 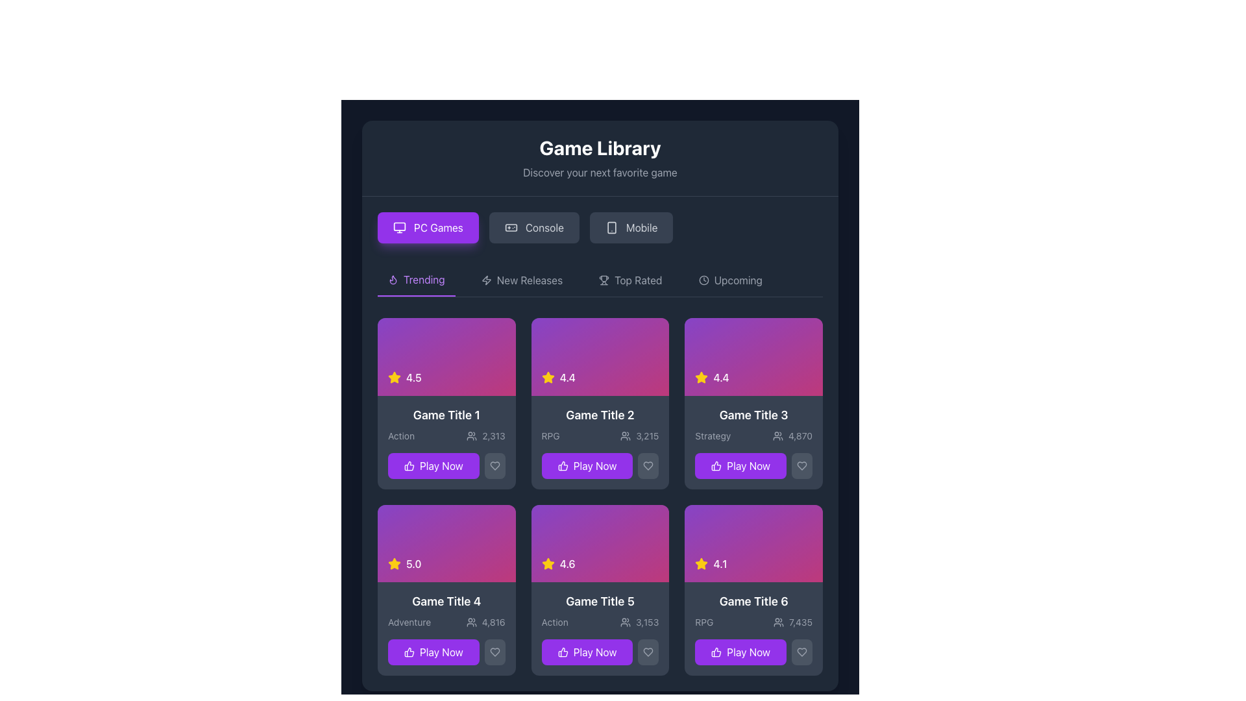 What do you see at coordinates (712, 436) in the screenshot?
I see `the category label for 'Game Title 3' located in the metadata section of its card in the 'Game Library' grid` at bounding box center [712, 436].